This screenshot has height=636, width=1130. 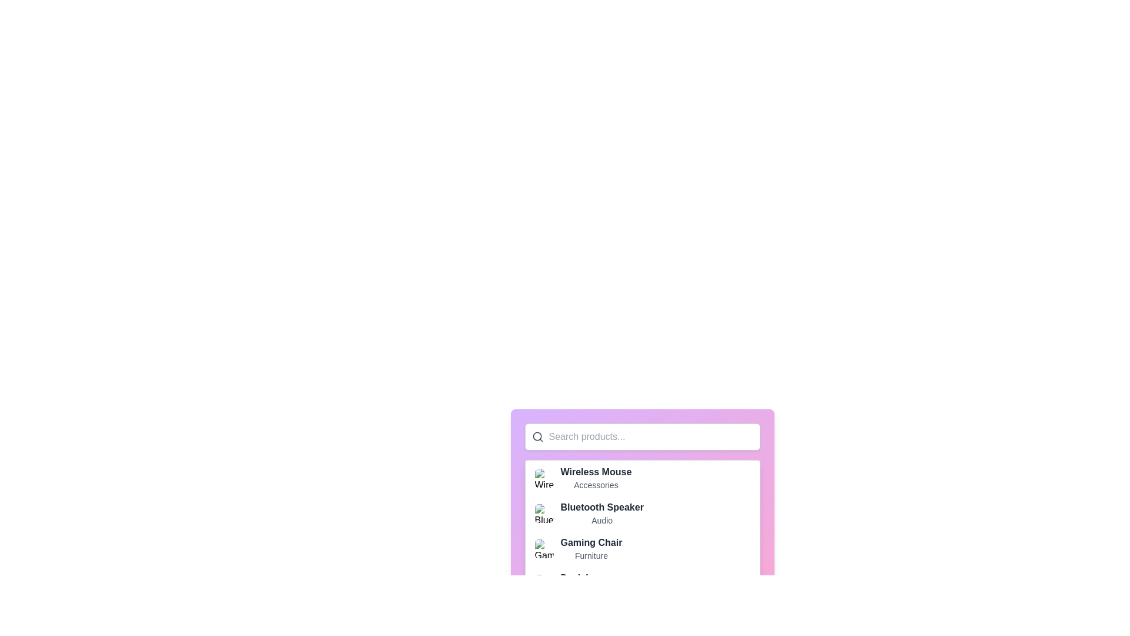 What do you see at coordinates (642, 512) in the screenshot?
I see `the second list item representing 'Bluetooth Speaker' with the subtitle 'Audio'` at bounding box center [642, 512].